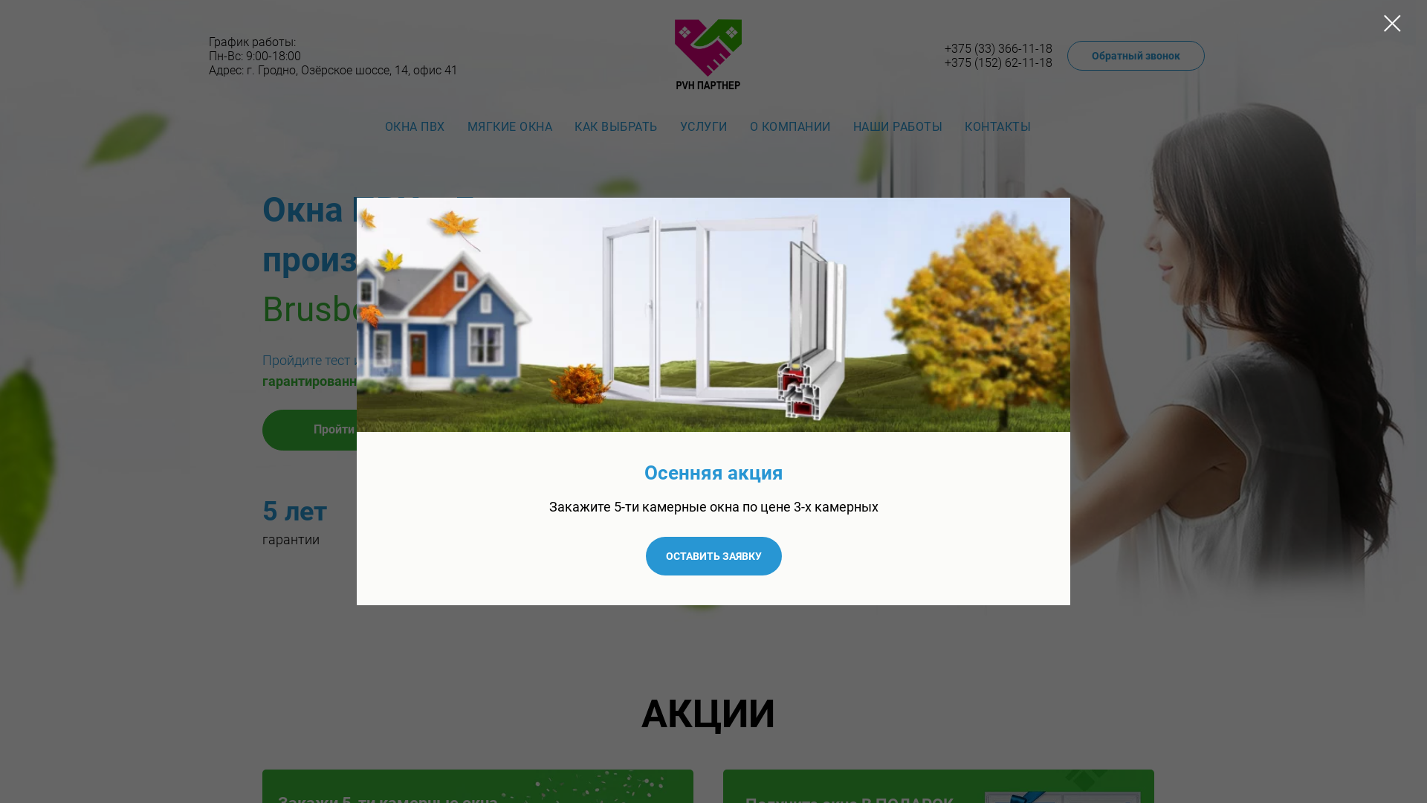 The height and width of the screenshot is (803, 1427). I want to click on '+375 (152) 62-11-18', so click(998, 62).